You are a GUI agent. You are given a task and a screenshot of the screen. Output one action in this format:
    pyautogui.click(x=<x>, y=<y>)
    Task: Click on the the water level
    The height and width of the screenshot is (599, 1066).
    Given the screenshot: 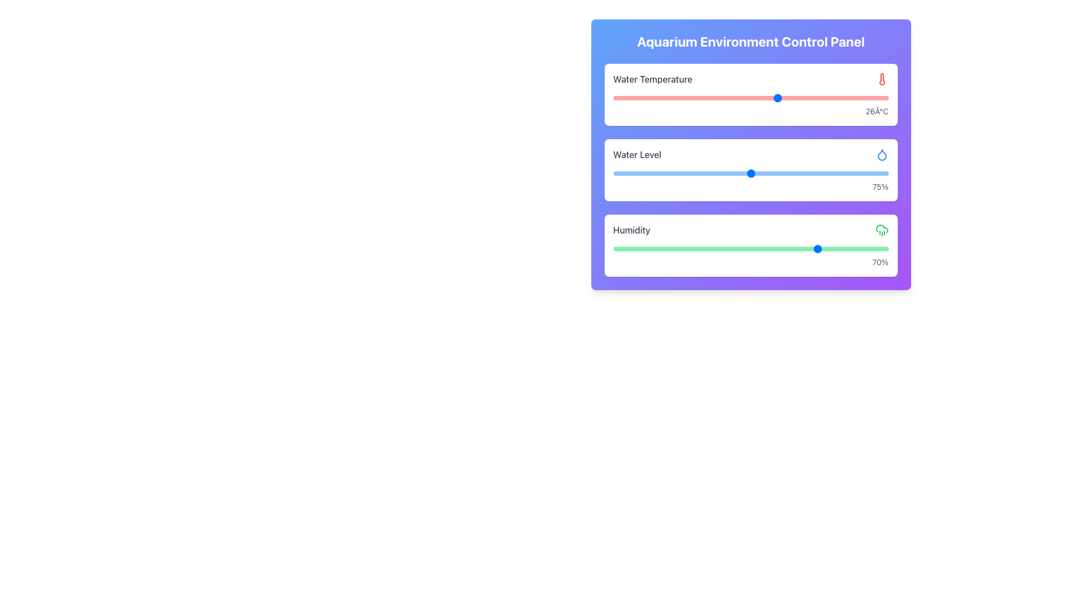 What is the action you would take?
    pyautogui.click(x=612, y=173)
    